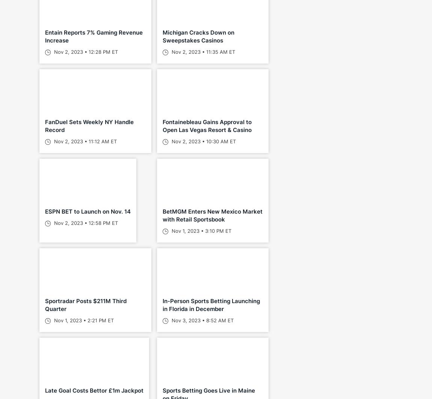  I want to click on 'Sportradar Posts $211M Third Quarter', so click(85, 305).